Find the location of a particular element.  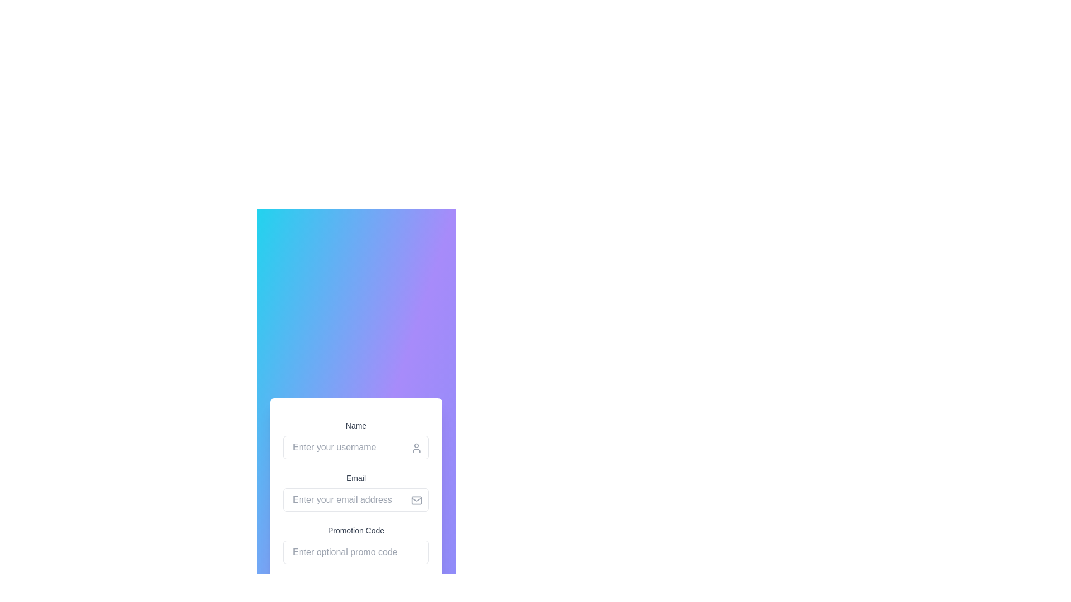

the text input field labeled 'Promotion Code' by using the tab key to focus on it is located at coordinates (355, 552).